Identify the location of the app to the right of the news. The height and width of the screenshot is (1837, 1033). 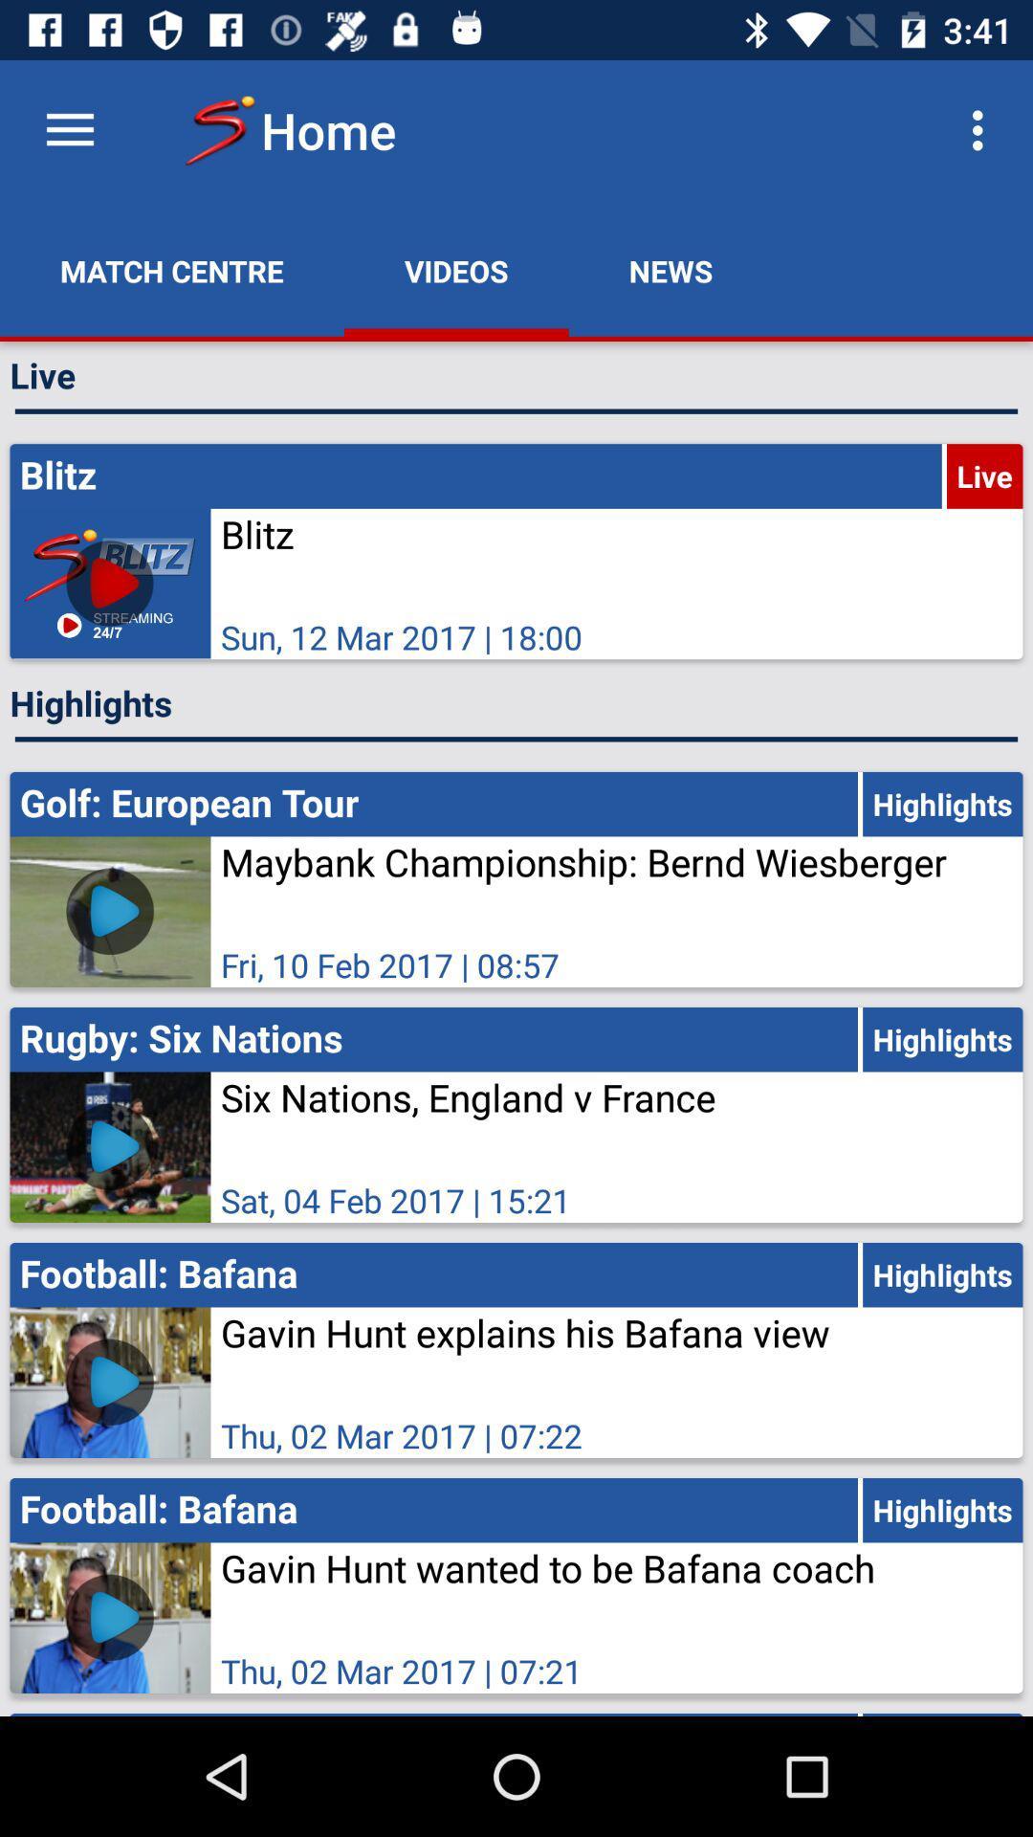
(982, 129).